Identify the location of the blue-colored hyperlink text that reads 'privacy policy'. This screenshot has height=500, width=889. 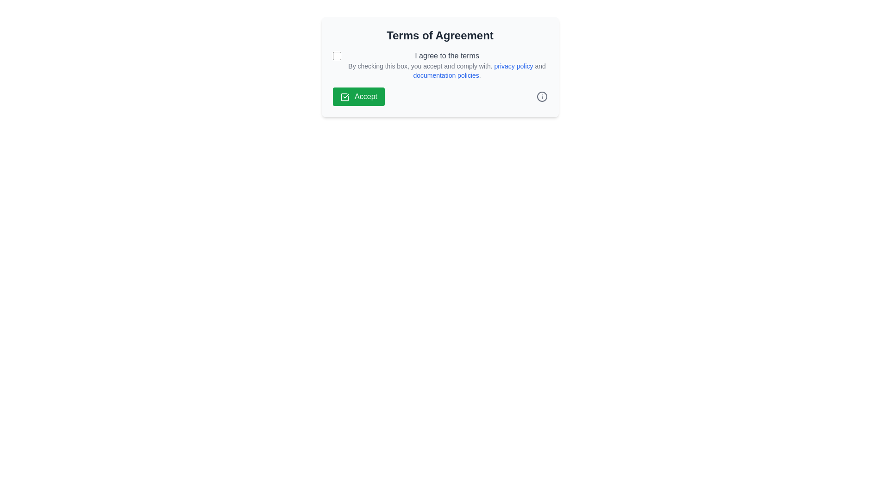
(512, 65).